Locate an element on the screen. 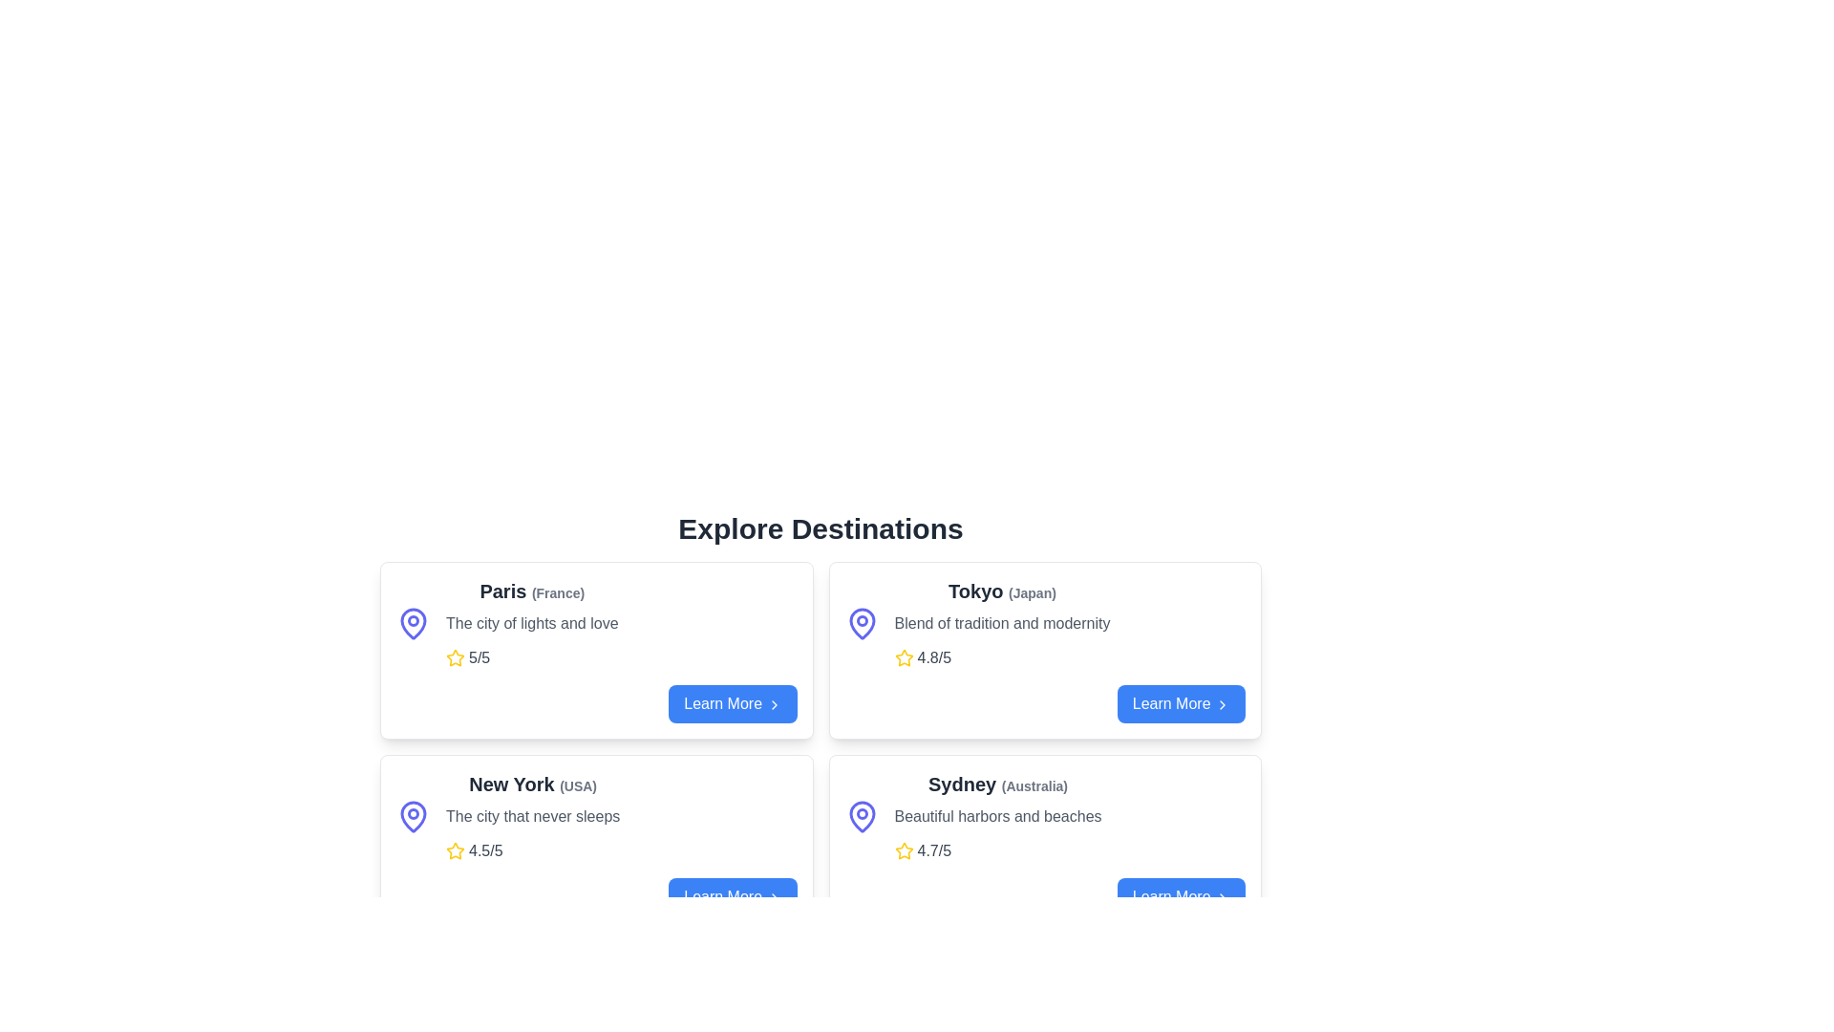 This screenshot has height=1032, width=1834. the yellow star icon representing a rating of 4.7/5, located in the bottom row of the grid layout in the fourth quadrant for Sydney, Australia is located at coordinates (903, 849).